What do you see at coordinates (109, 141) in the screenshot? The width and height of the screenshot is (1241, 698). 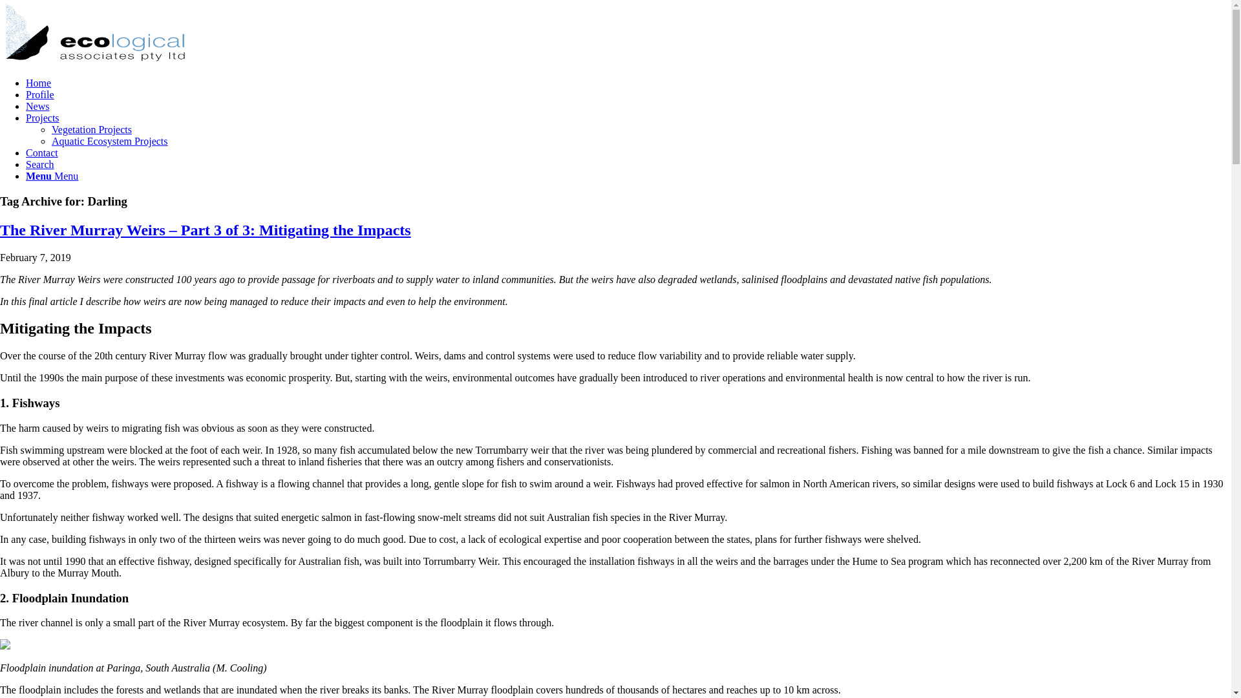 I see `'Aquatic Ecosystem Projects'` at bounding box center [109, 141].